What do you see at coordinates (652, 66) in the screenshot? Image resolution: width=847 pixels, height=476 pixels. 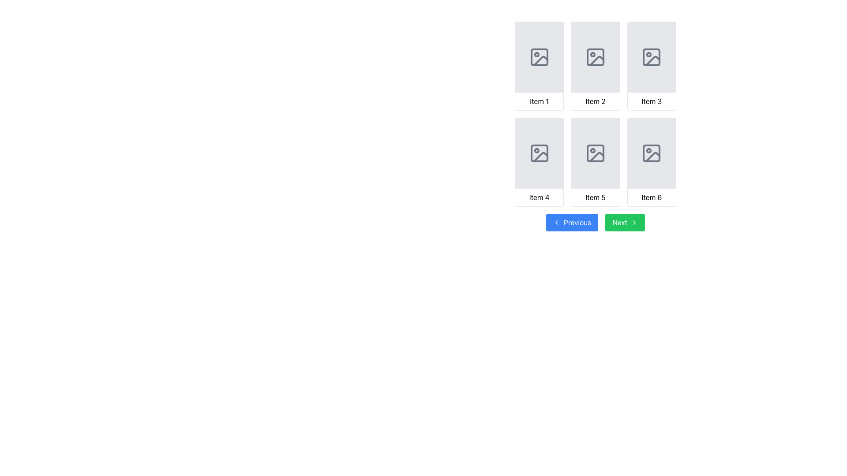 I see `the third tile in the first row of a grid to interact with the item` at bounding box center [652, 66].